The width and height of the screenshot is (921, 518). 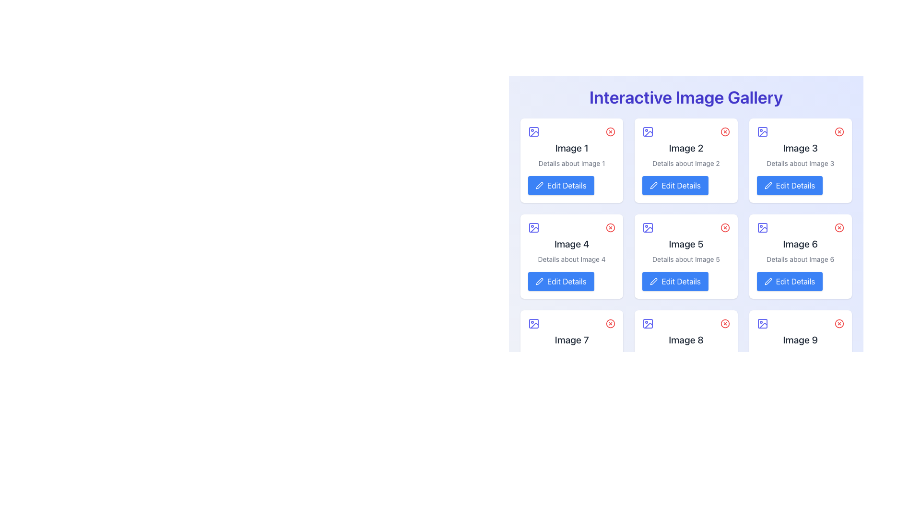 What do you see at coordinates (572, 148) in the screenshot?
I see `static text label displaying 'Image 1' in a bold and large font, which is centrally positioned in the first card of the top row in a grid layout` at bounding box center [572, 148].